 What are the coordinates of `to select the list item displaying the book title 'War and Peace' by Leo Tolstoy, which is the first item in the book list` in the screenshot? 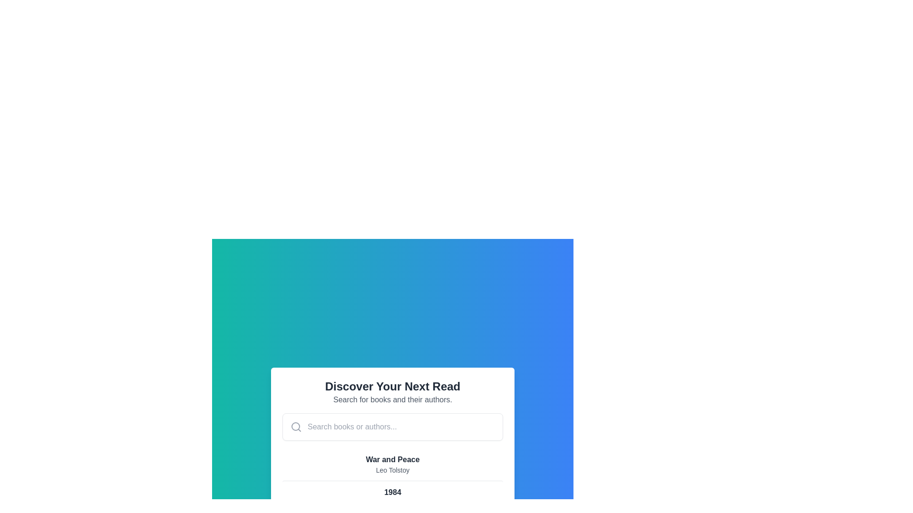 It's located at (392, 464).